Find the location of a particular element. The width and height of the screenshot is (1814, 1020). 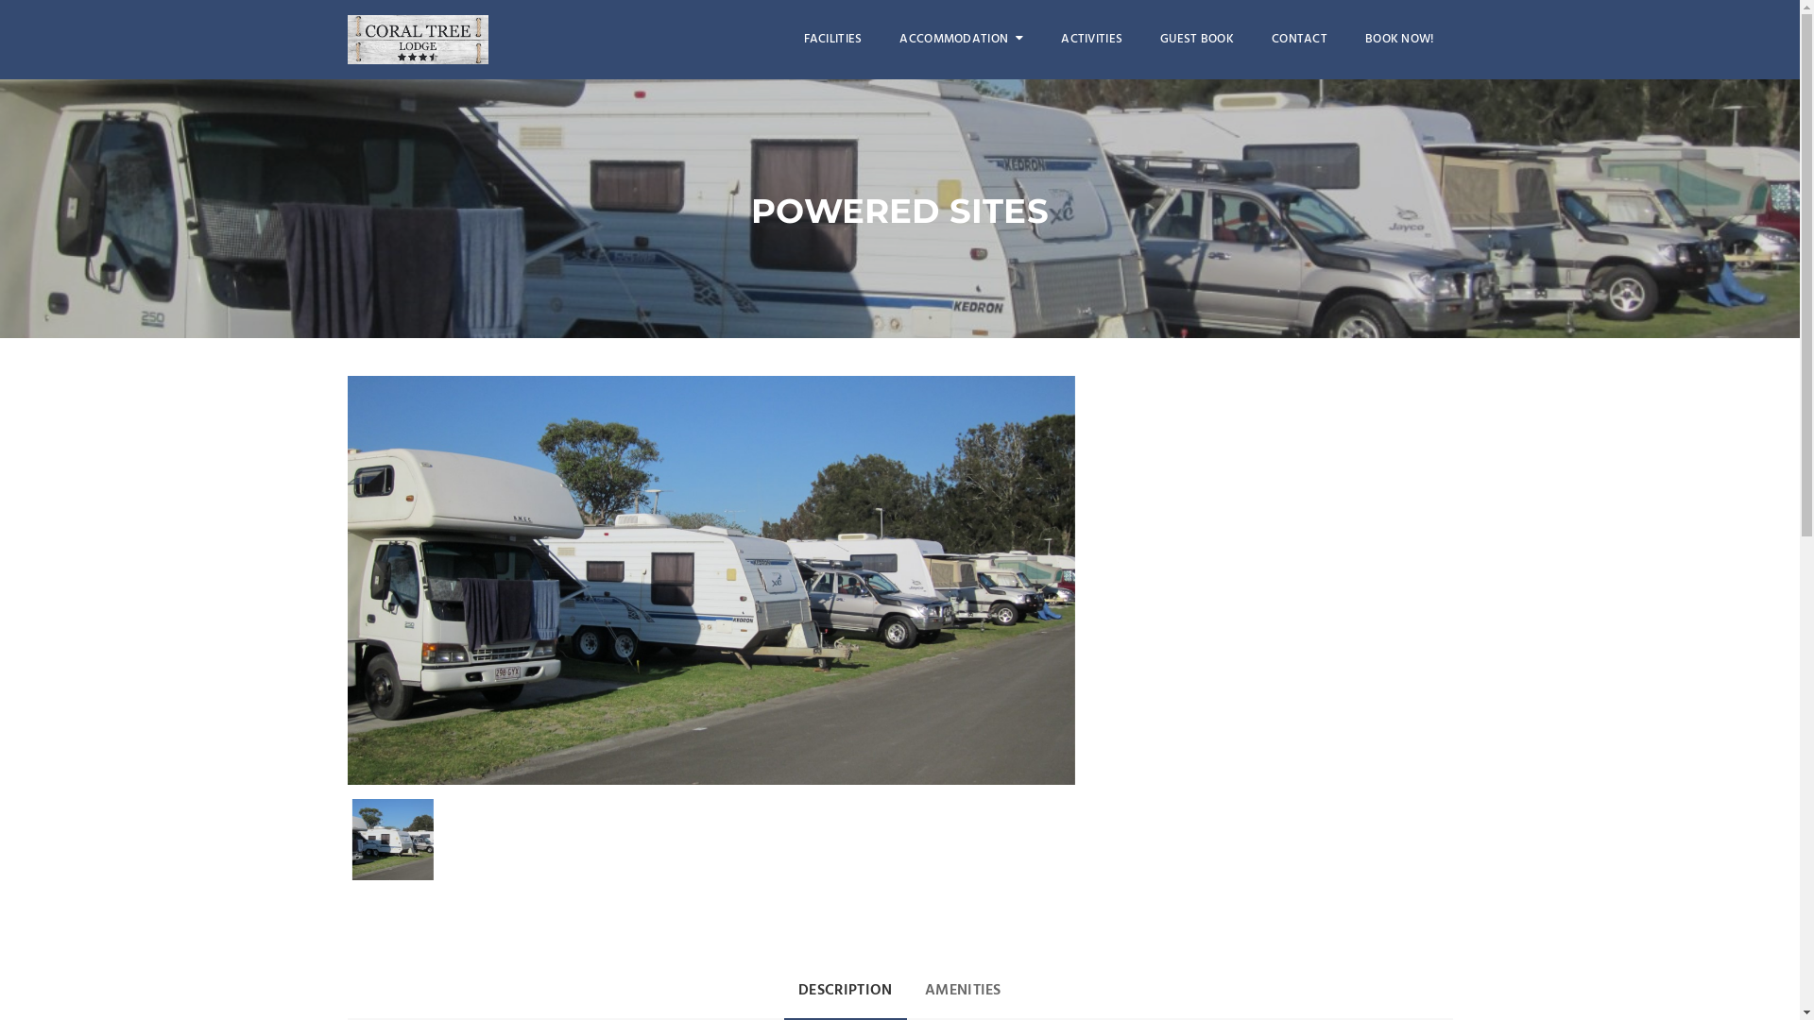

'FACILITIES' is located at coordinates (832, 40).